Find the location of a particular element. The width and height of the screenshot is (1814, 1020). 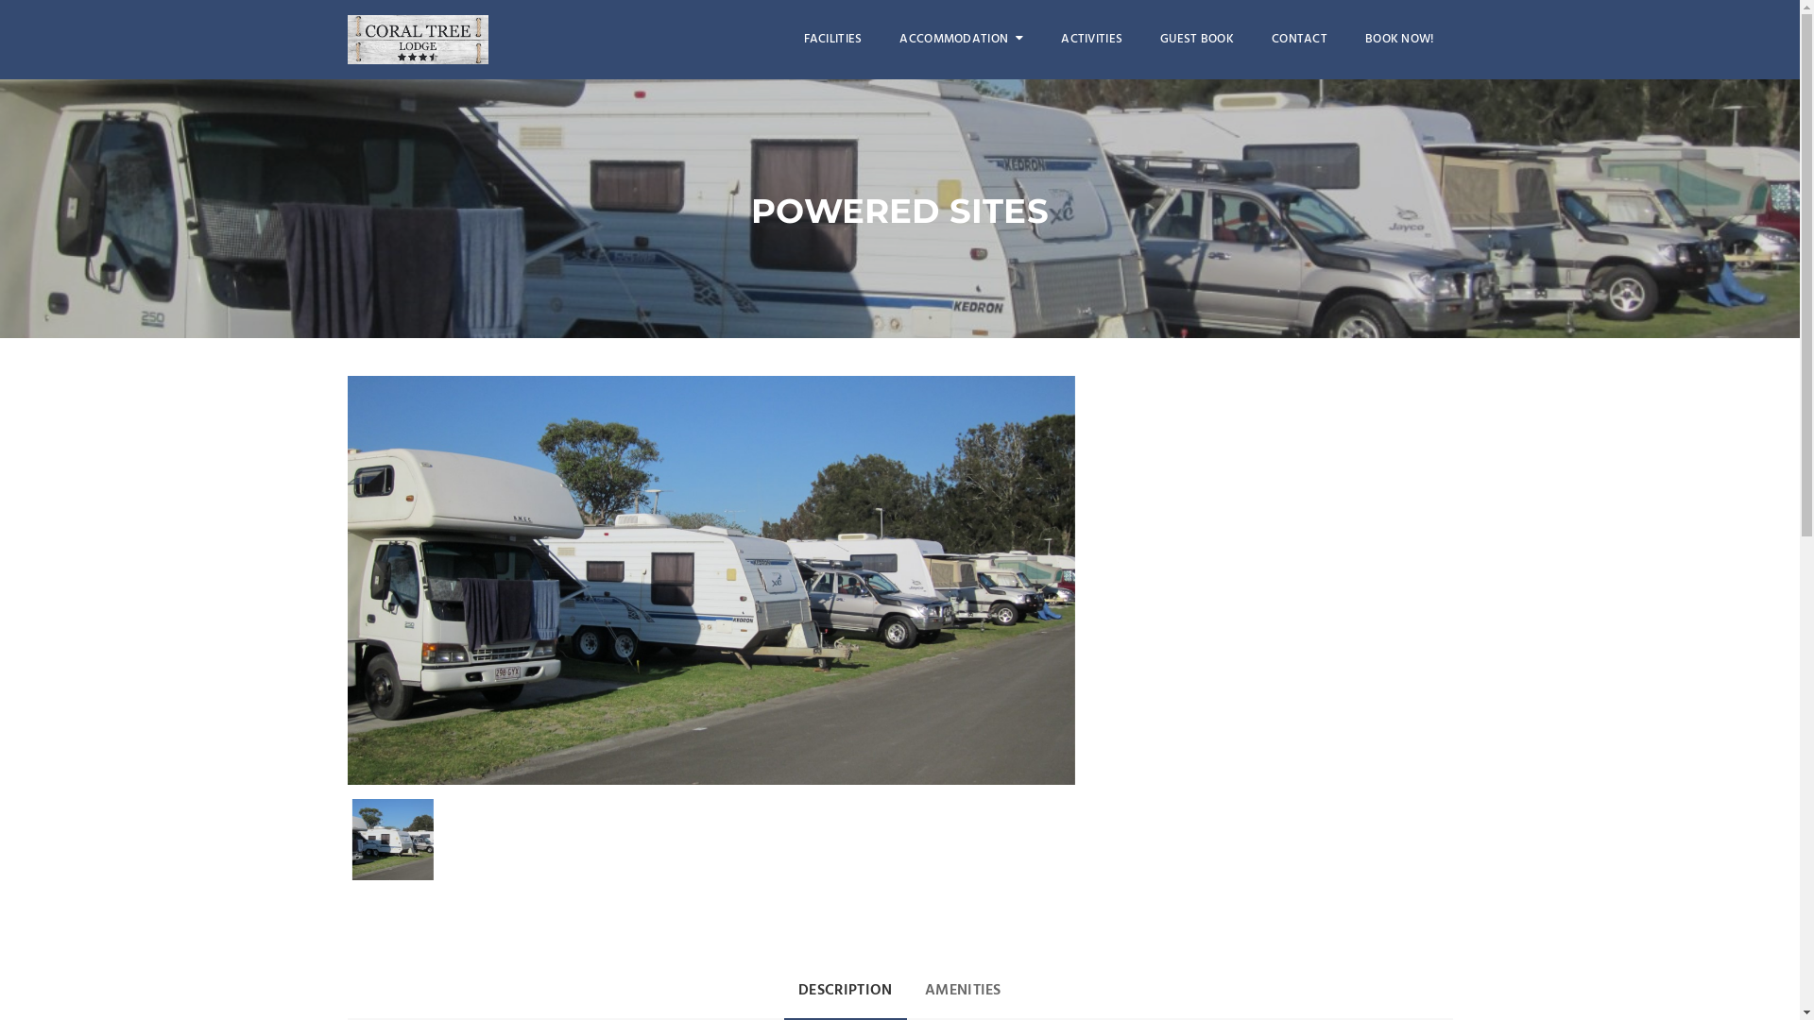

'FACILITIES' is located at coordinates (832, 40).